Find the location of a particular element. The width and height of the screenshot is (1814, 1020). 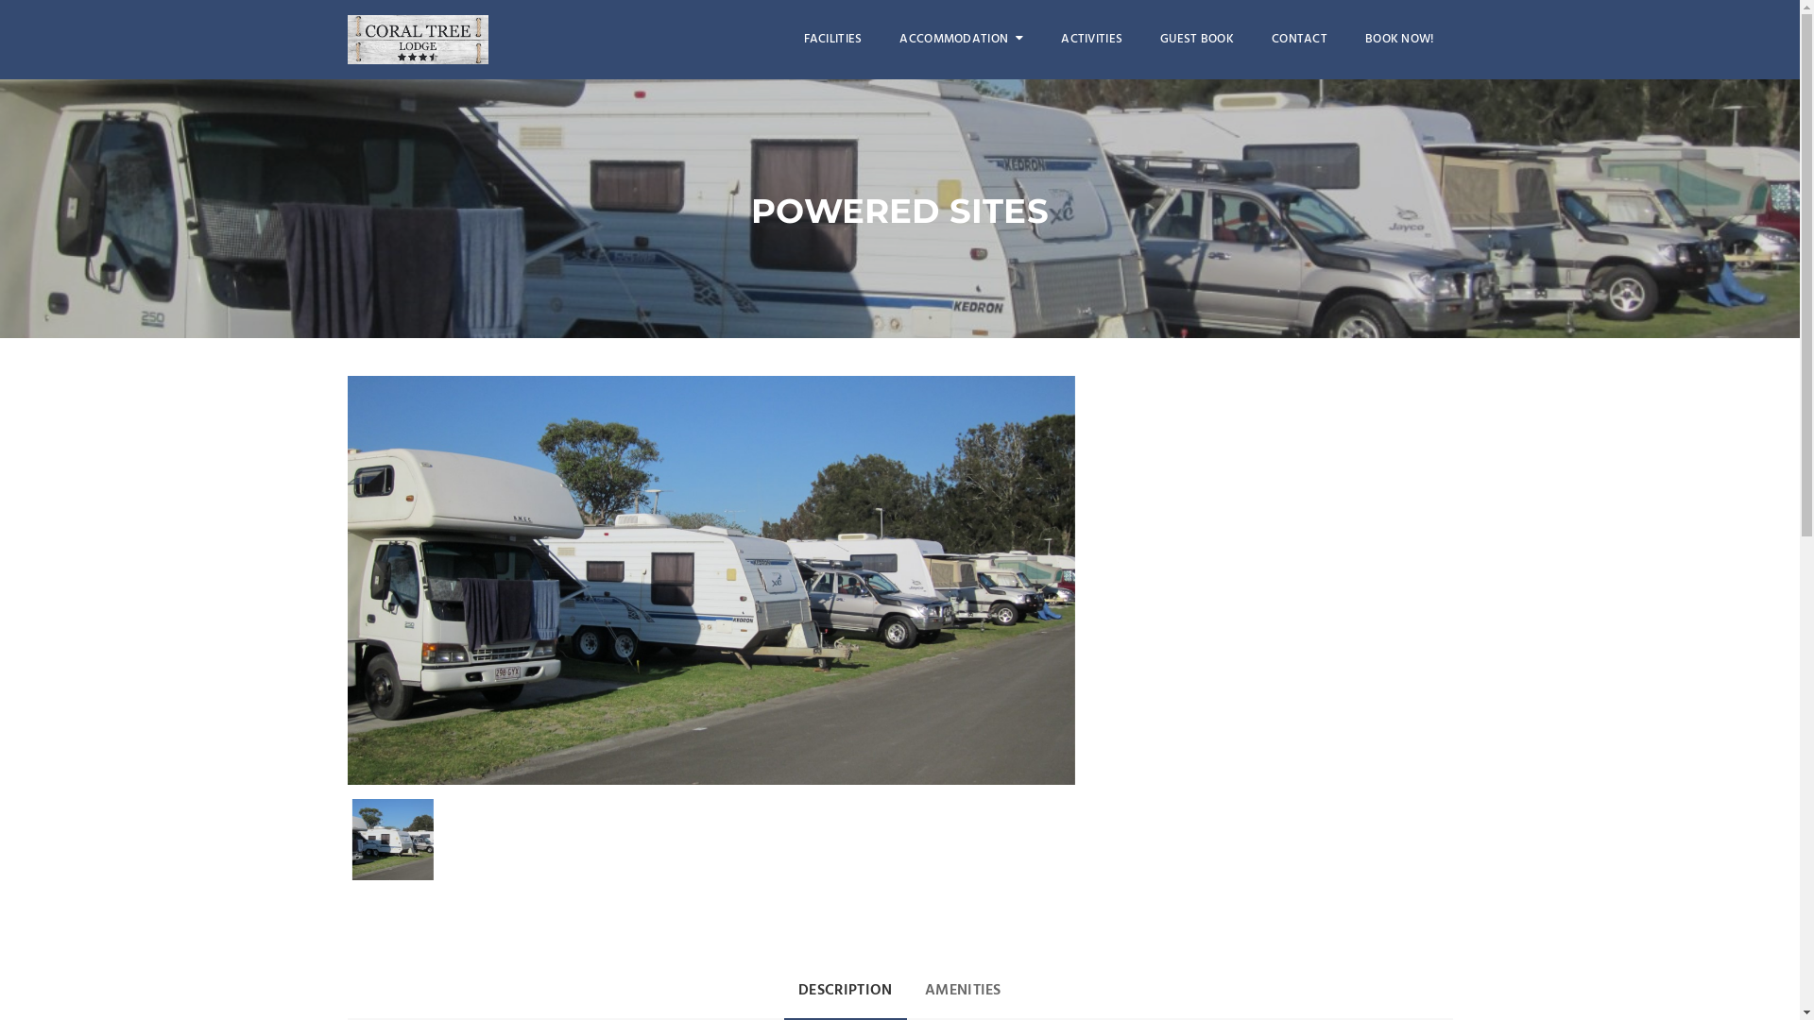

'FACILITIES' is located at coordinates (832, 40).